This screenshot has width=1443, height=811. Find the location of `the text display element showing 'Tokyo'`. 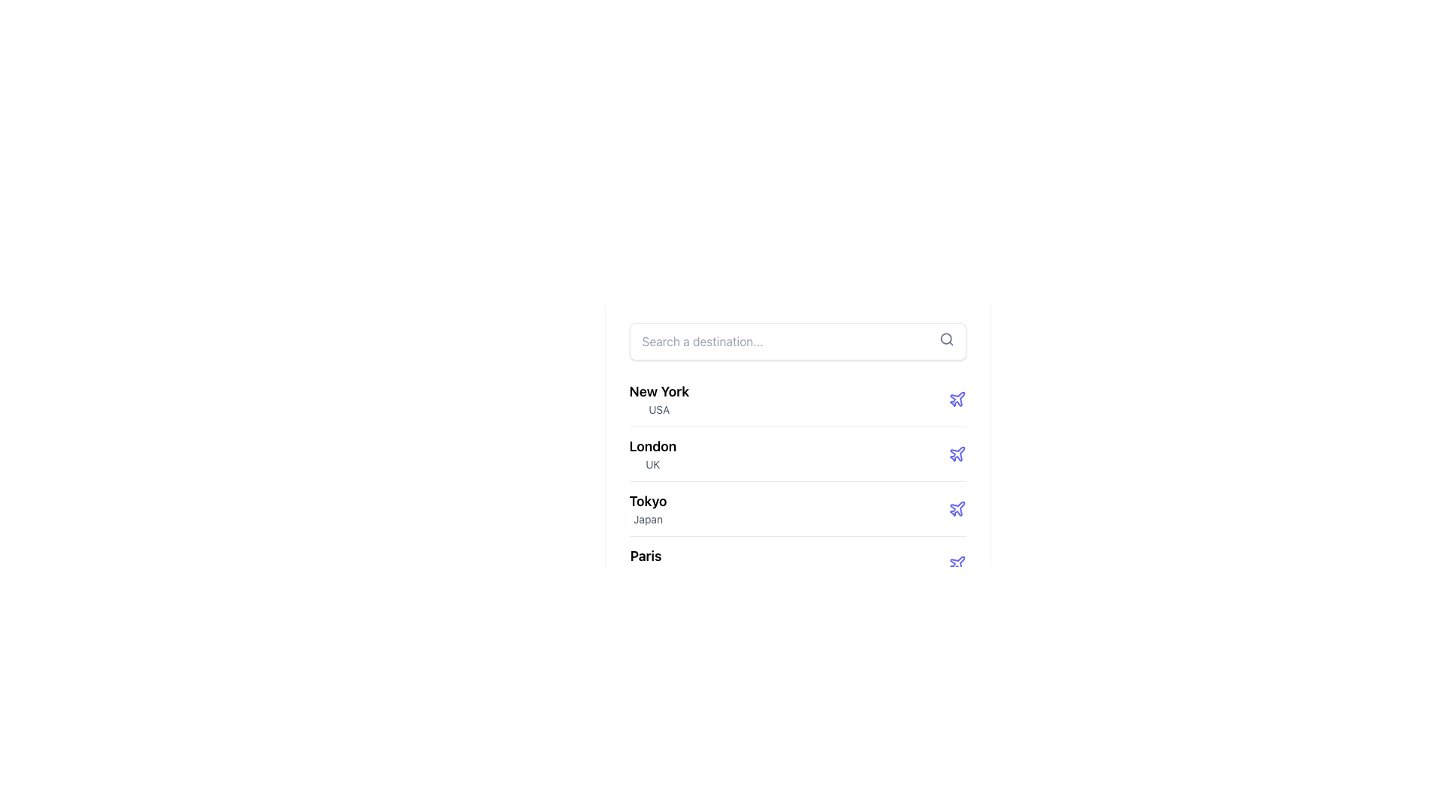

the text display element showing 'Tokyo' is located at coordinates (648, 508).